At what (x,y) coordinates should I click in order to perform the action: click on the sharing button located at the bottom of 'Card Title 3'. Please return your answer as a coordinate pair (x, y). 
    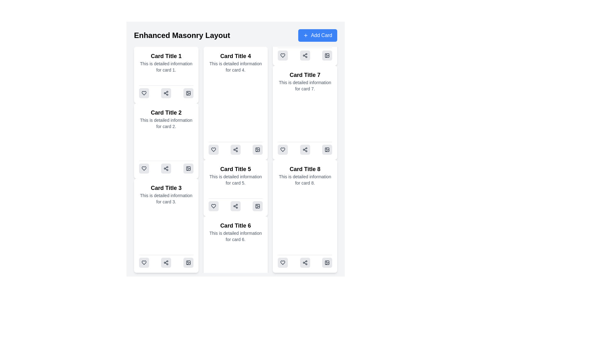
    Looking at the image, I should click on (166, 261).